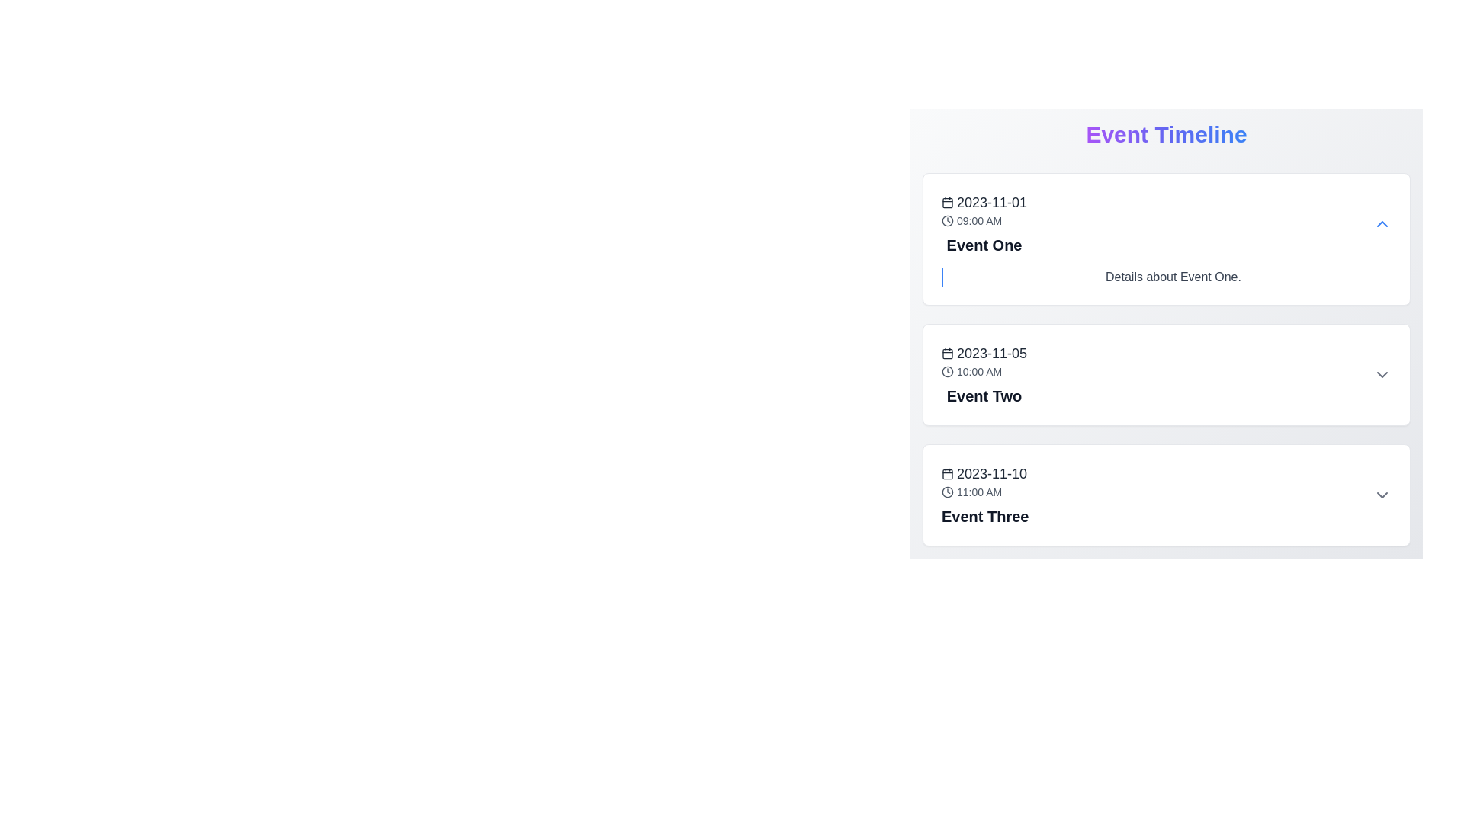 This screenshot has width=1464, height=823. Describe the element at coordinates (984, 244) in the screenshot. I see `the Text Label that serves as the title or identifier of the event, located in the first event section of the 'Event Timeline', positioned below the date and time ('2023-11-01' and '09:00 AM')` at that location.